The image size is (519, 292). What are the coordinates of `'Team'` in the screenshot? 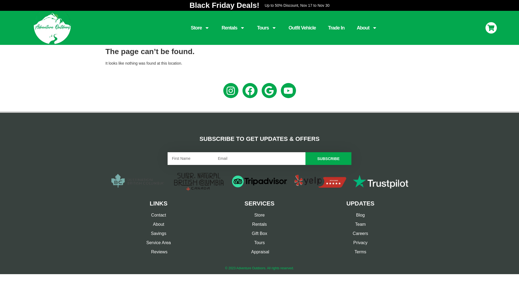 It's located at (360, 224).